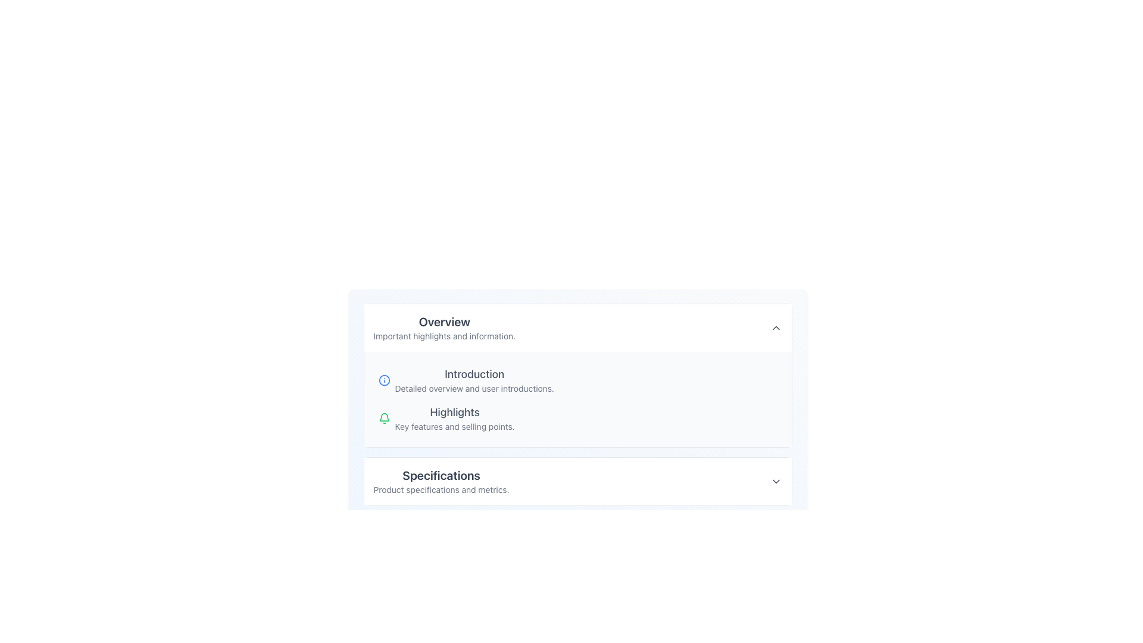  Describe the element at coordinates (454, 417) in the screenshot. I see `the 'Highlights' text block` at that location.